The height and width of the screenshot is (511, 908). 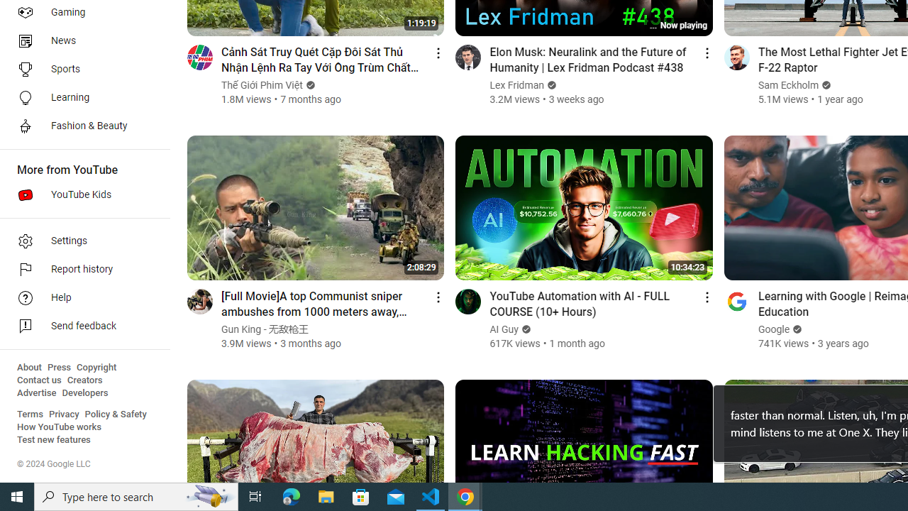 What do you see at coordinates (58, 367) in the screenshot?
I see `'Press'` at bounding box center [58, 367].